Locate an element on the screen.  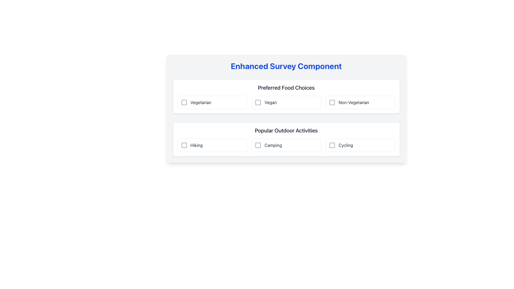
the 'Non-Vegetarian' checkbox in the 'Preferred Food Choices' section is located at coordinates (332, 102).